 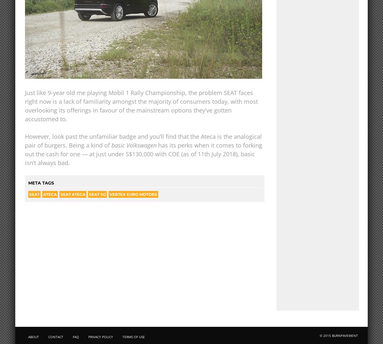 What do you see at coordinates (43, 194) in the screenshot?
I see `'Ateca'` at bounding box center [43, 194].